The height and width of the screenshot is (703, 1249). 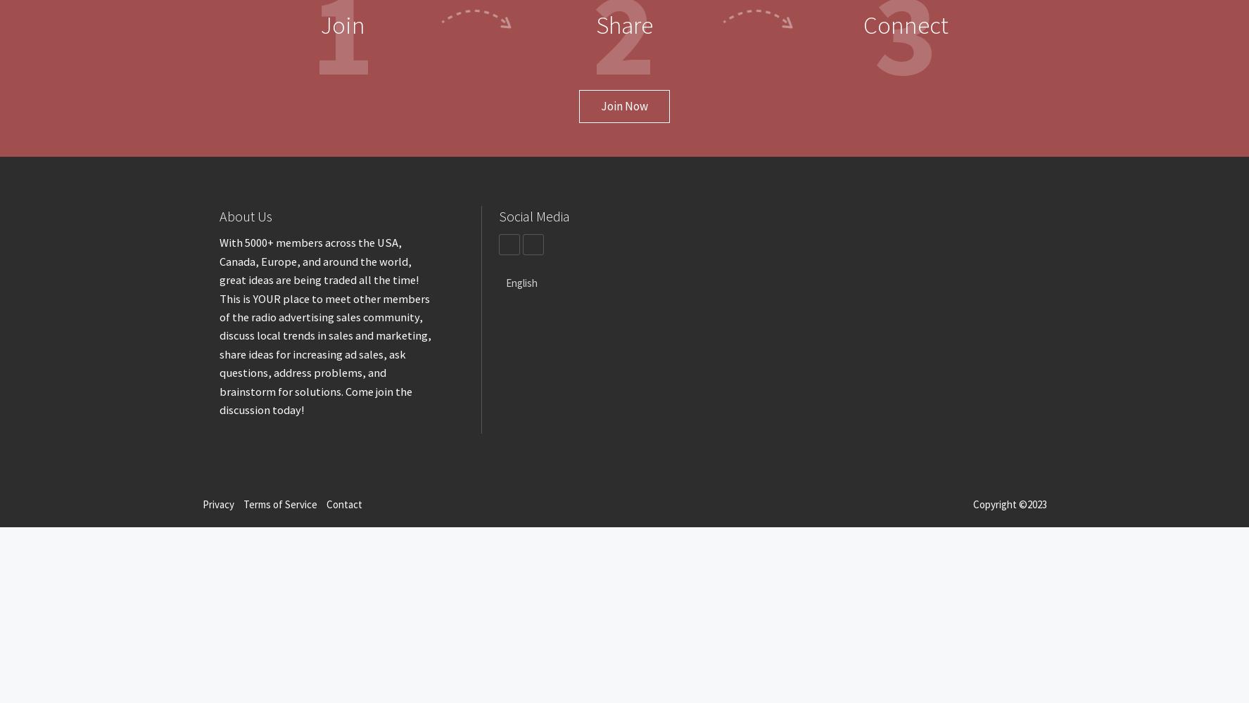 I want to click on 'Connect', so click(x=905, y=25).